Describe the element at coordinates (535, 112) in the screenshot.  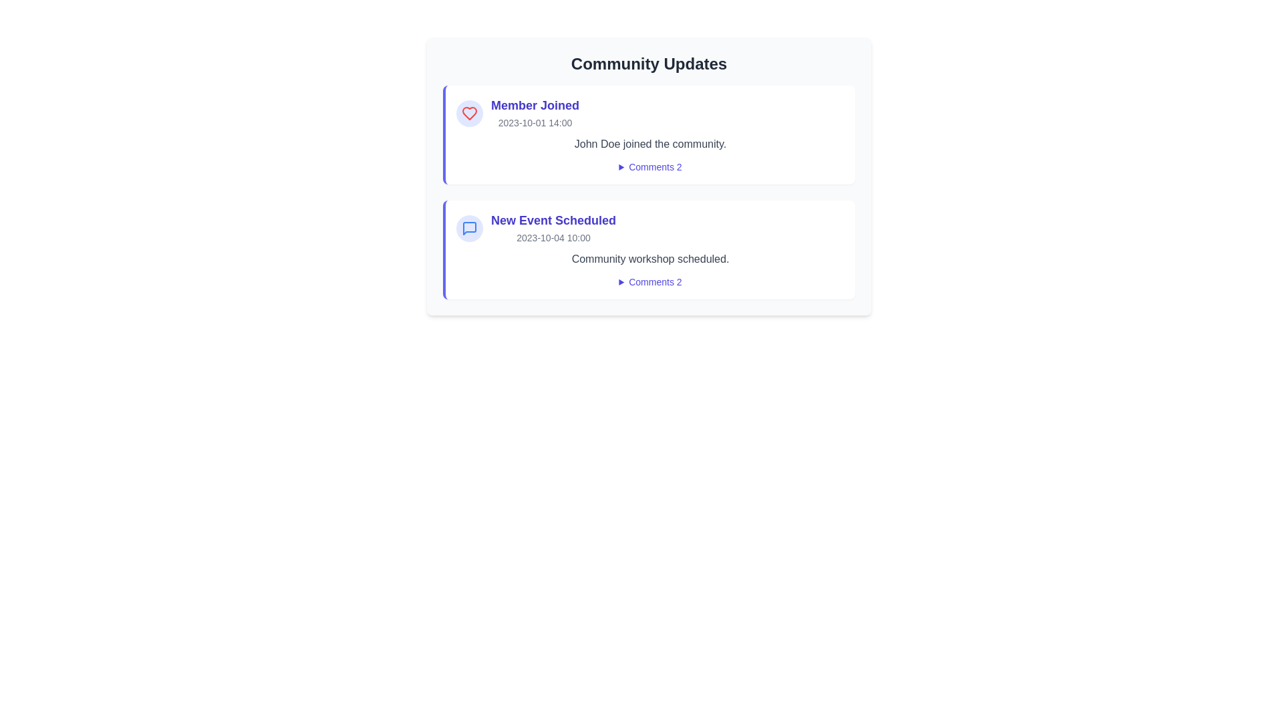
I see `'Member Joined' text and its timestamp '2023-10-01 14:00' located in the top section of the 'Community Updates' card` at that location.